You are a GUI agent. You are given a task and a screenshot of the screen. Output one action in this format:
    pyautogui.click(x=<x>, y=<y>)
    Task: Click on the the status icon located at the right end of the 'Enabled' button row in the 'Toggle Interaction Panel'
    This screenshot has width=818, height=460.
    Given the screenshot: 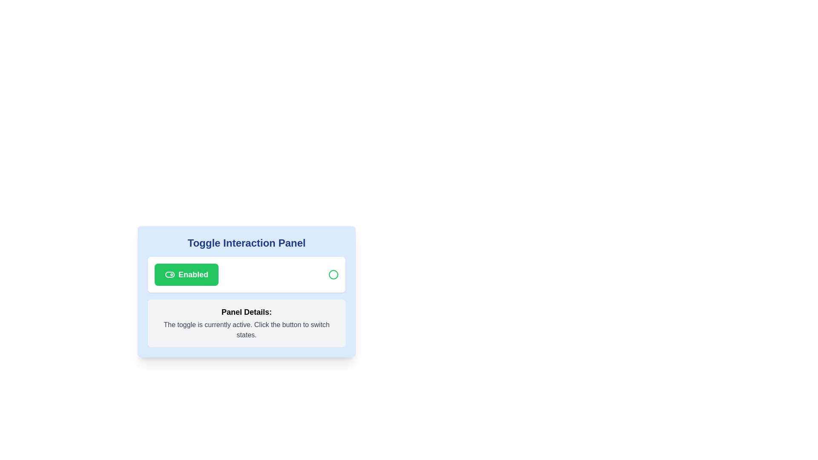 What is the action you would take?
    pyautogui.click(x=333, y=274)
    